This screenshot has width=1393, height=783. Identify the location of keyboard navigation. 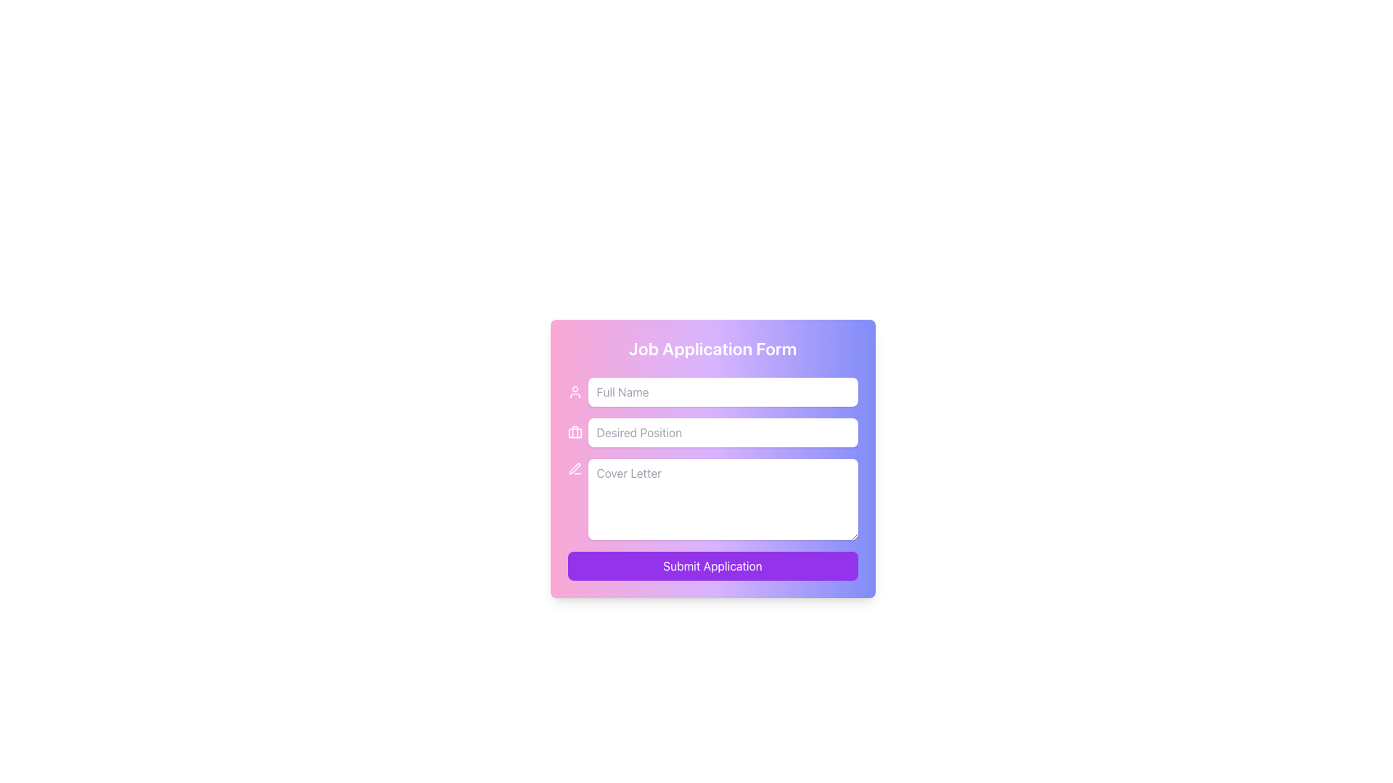
(712, 432).